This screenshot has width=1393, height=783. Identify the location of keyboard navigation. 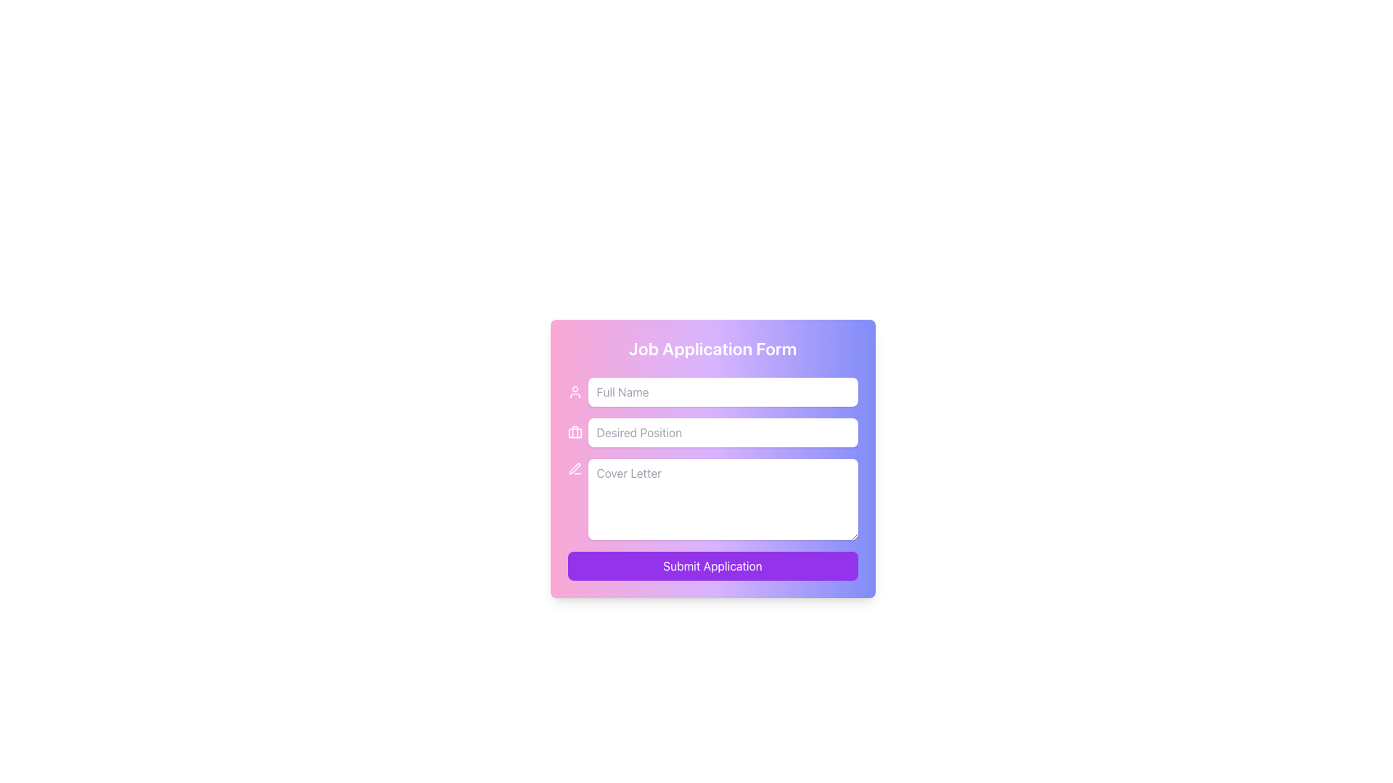
(712, 432).